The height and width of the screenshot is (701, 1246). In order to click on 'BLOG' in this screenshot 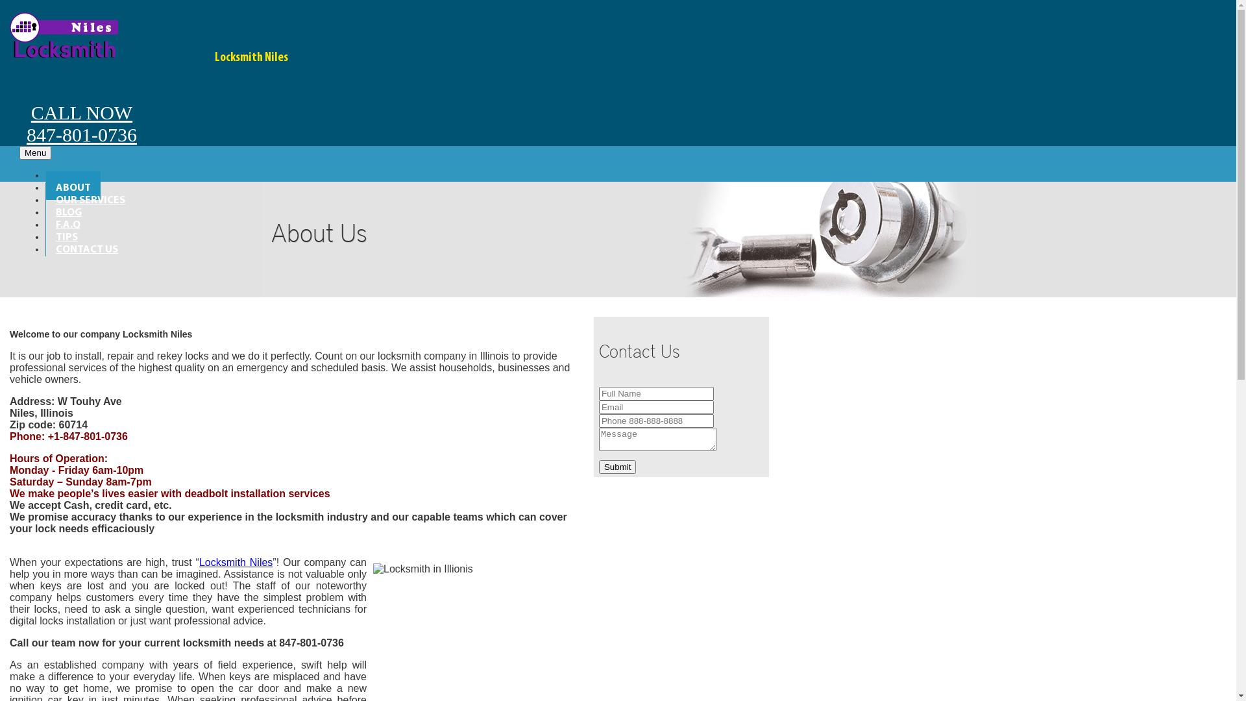, I will do `click(67, 210)`.